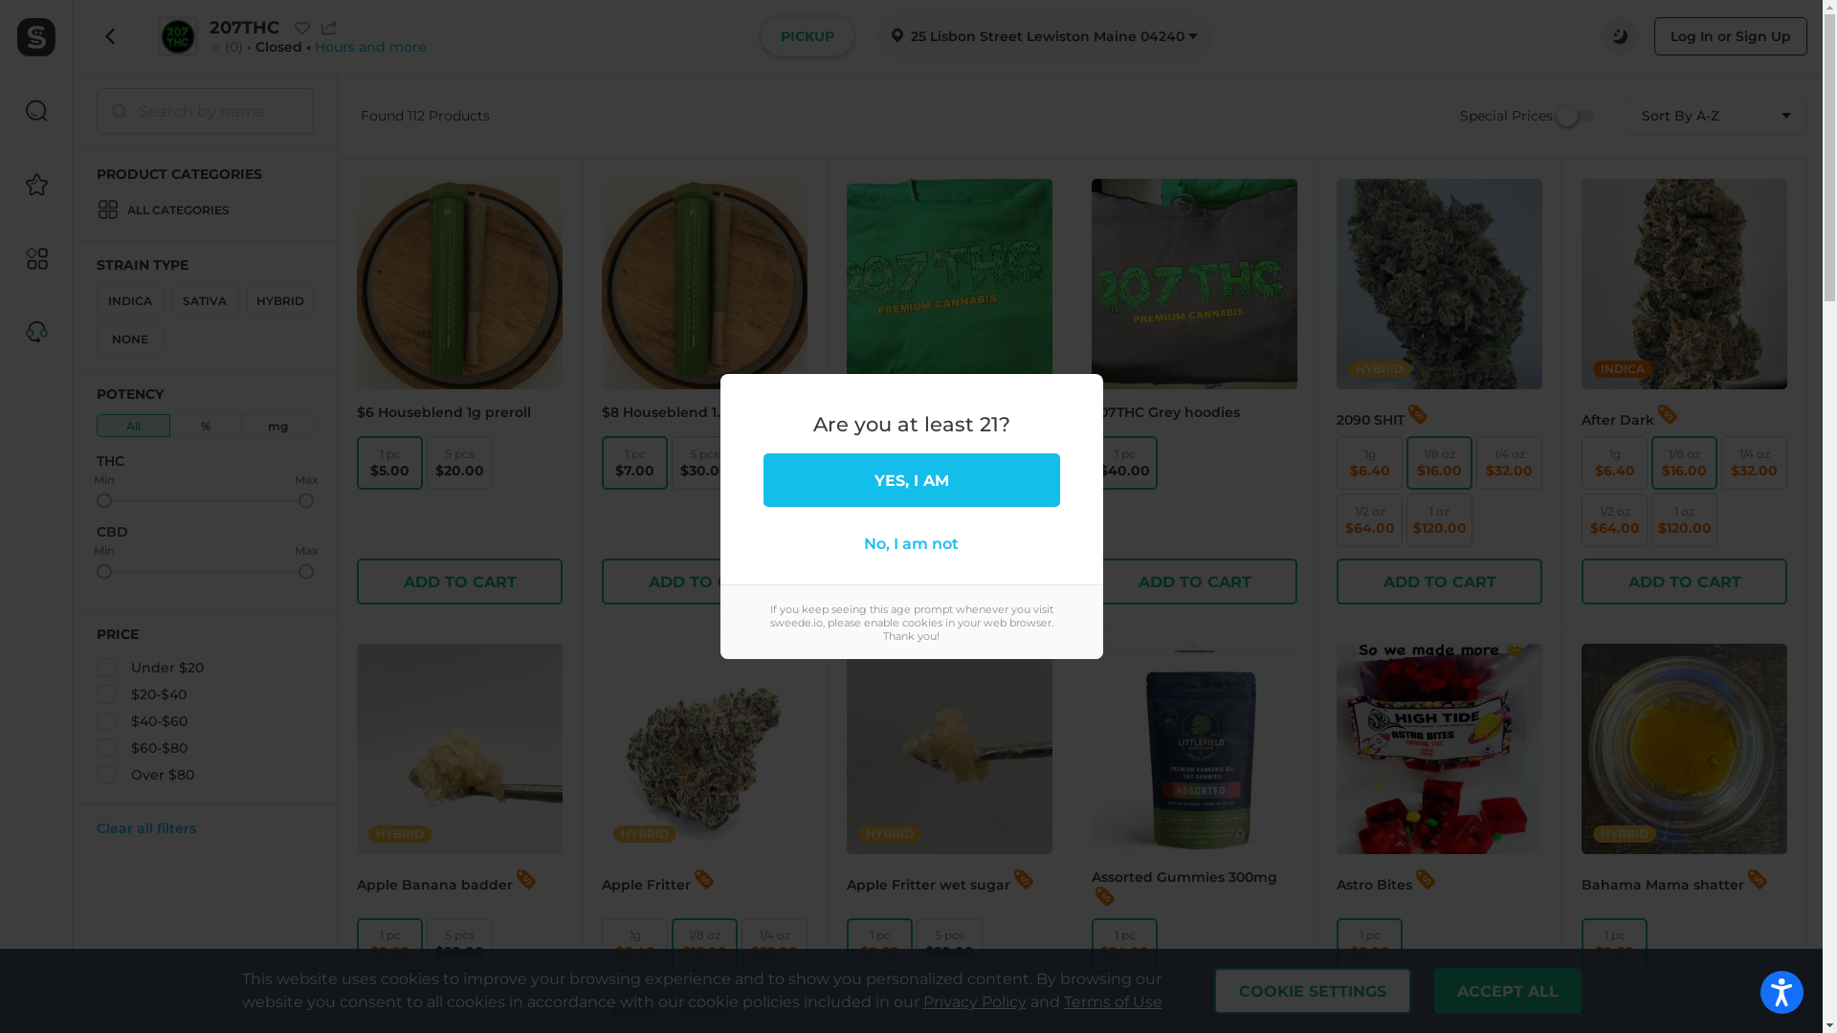  What do you see at coordinates (206, 424) in the screenshot?
I see `'%'` at bounding box center [206, 424].